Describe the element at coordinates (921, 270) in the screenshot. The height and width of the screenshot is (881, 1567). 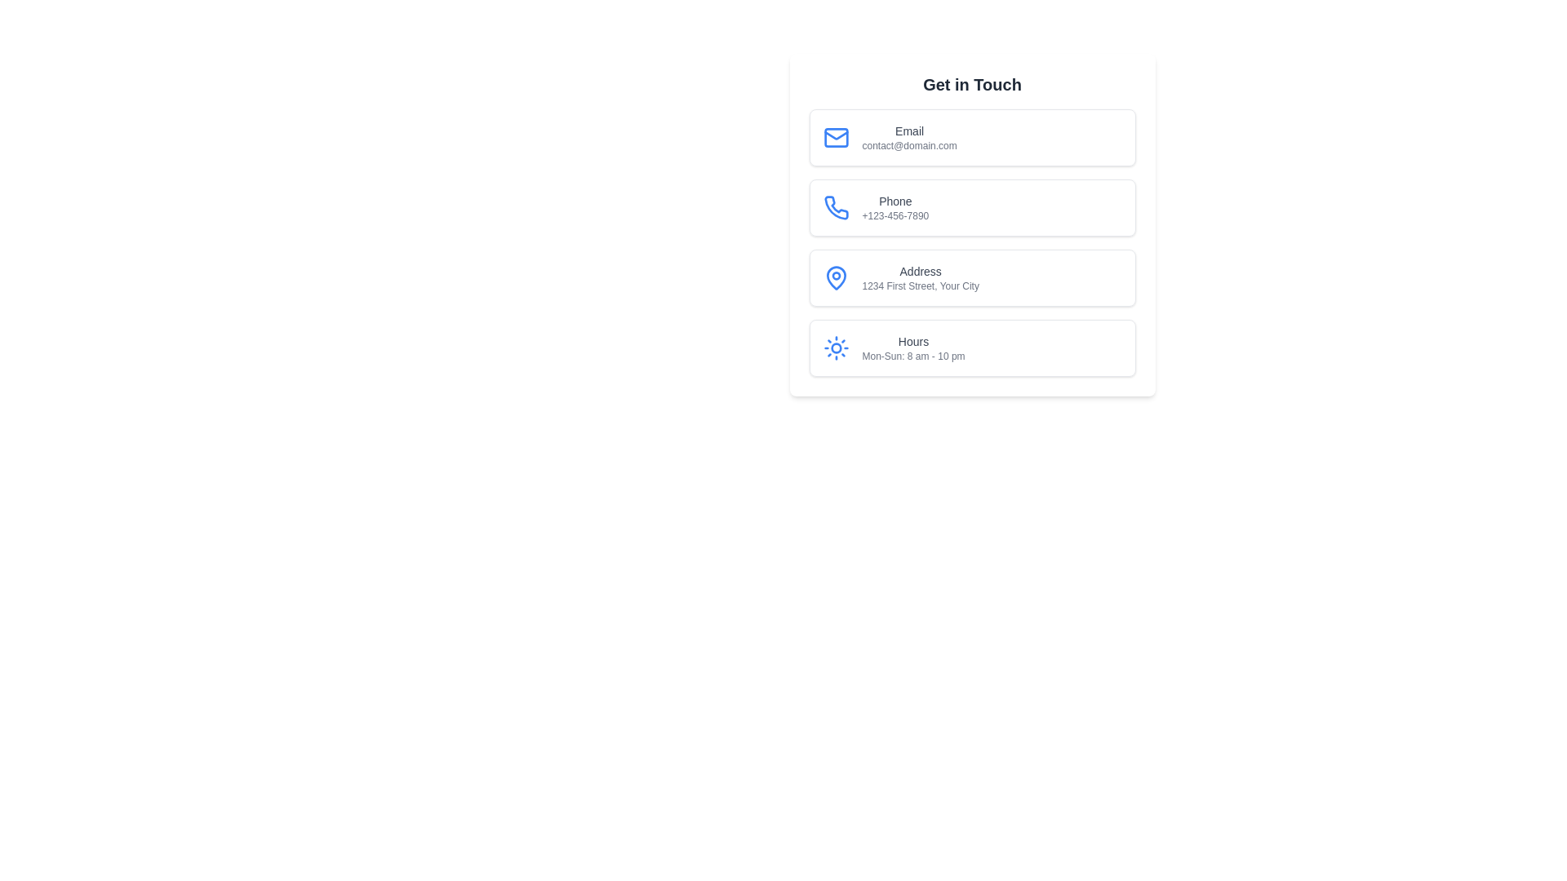
I see `the text label displaying 'Address' which is aligned within a vertical list of contact details` at that location.